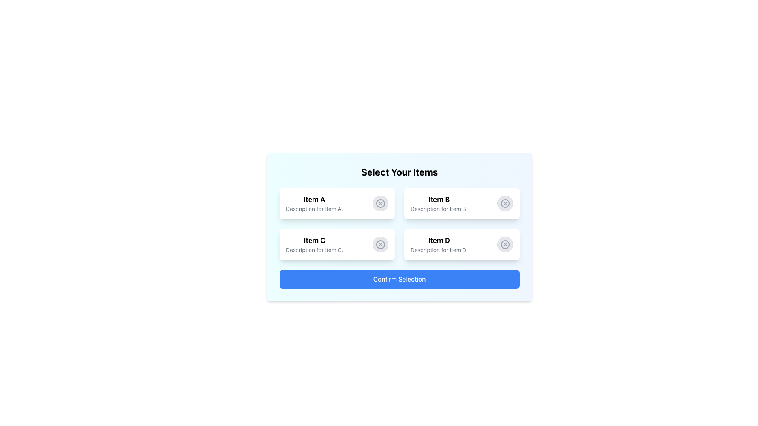 The height and width of the screenshot is (426, 758). I want to click on text label providing additional information about Item D, located below the header 'Item D' in the grid layout, so click(439, 250).